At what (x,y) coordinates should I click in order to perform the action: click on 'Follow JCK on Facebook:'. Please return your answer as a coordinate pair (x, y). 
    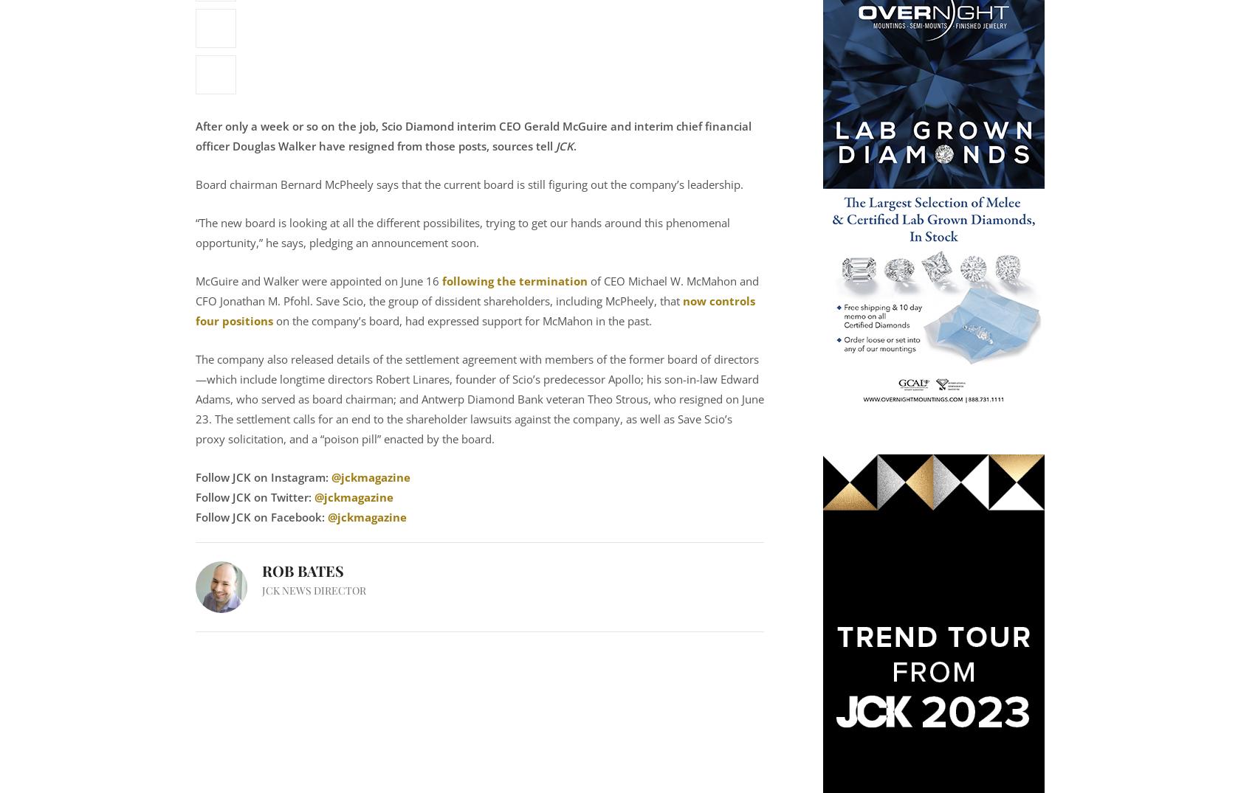
    Looking at the image, I should click on (259, 516).